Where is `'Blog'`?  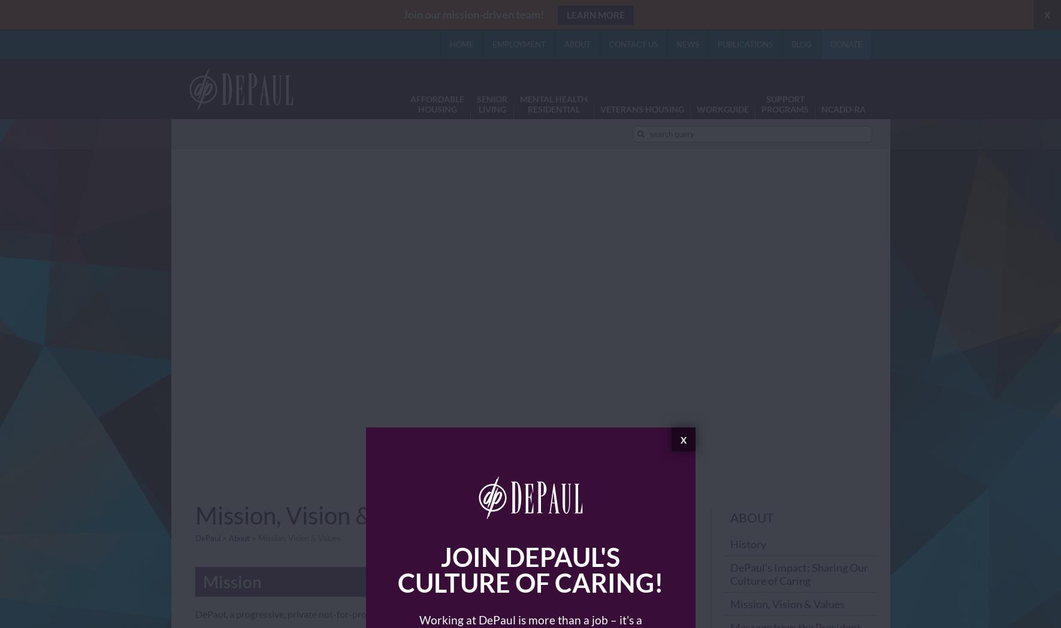 'Blog' is located at coordinates (800, 44).